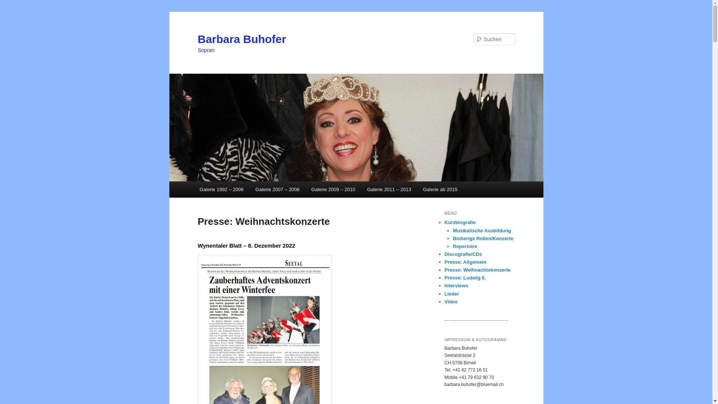 The image size is (718, 404). Describe the element at coordinates (459, 222) in the screenshot. I see `'Kurzbiografie'` at that location.